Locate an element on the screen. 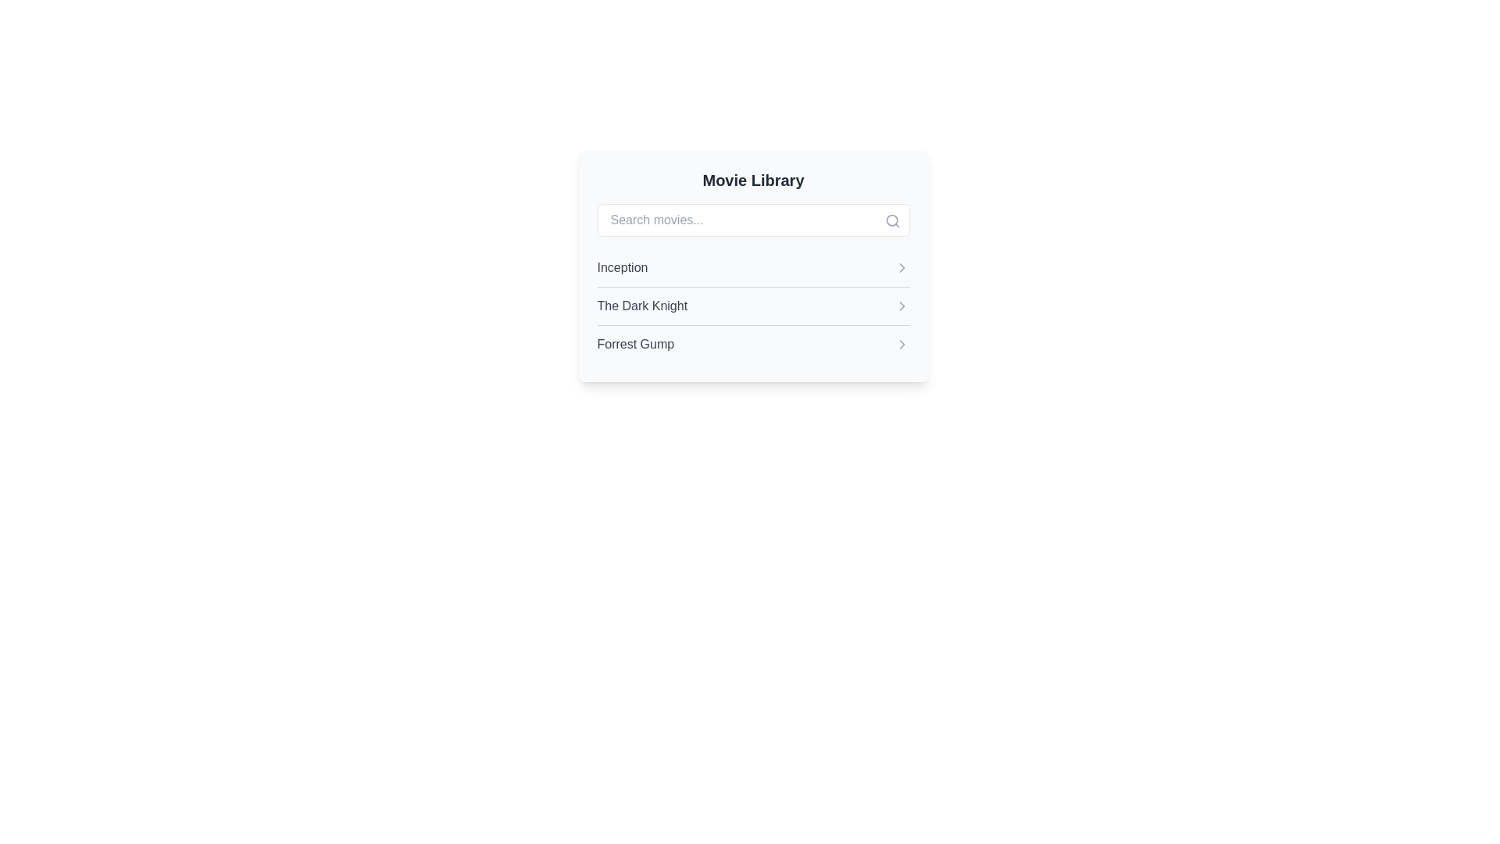 The width and height of the screenshot is (1500, 844). the text label displaying the movie title 'The Dark Knight' in the movie library interface, which is the second item in a vertical list of movie titles is located at coordinates (642, 306).